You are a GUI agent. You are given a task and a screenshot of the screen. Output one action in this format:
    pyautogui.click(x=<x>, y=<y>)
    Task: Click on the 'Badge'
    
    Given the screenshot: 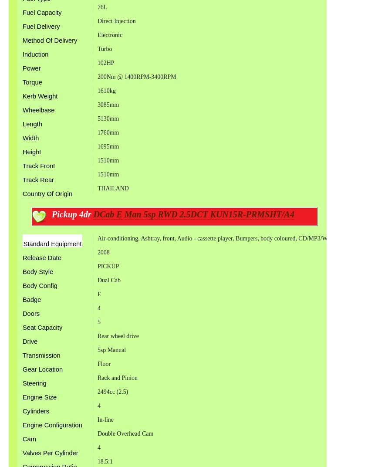 What is the action you would take?
    pyautogui.click(x=22, y=299)
    